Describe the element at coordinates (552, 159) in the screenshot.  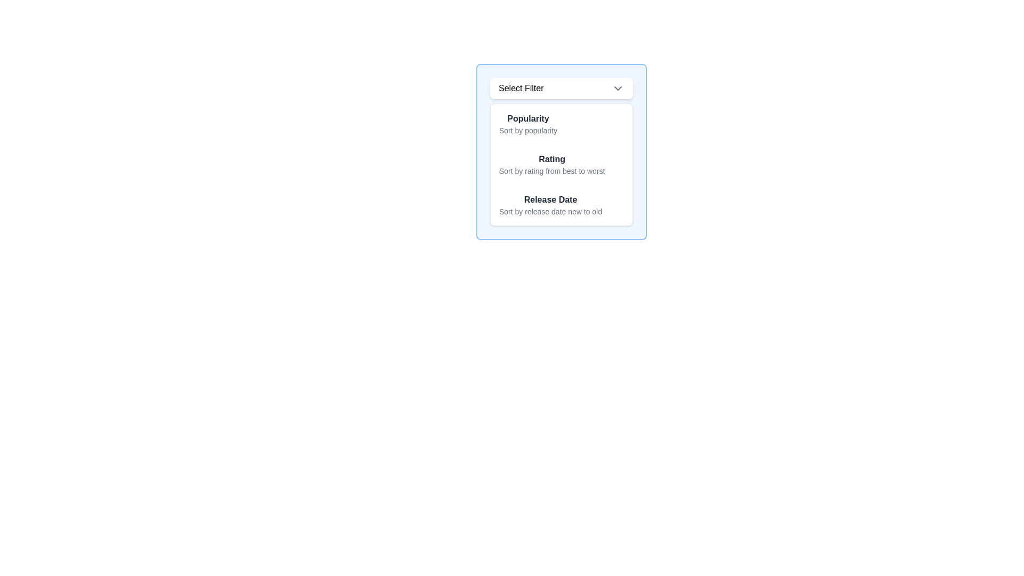
I see `the 'Rating' text label, which is styled with bold and dark gray text and positioned as the second option in the dropdown list between 'Popularity' and 'Release Date'` at that location.